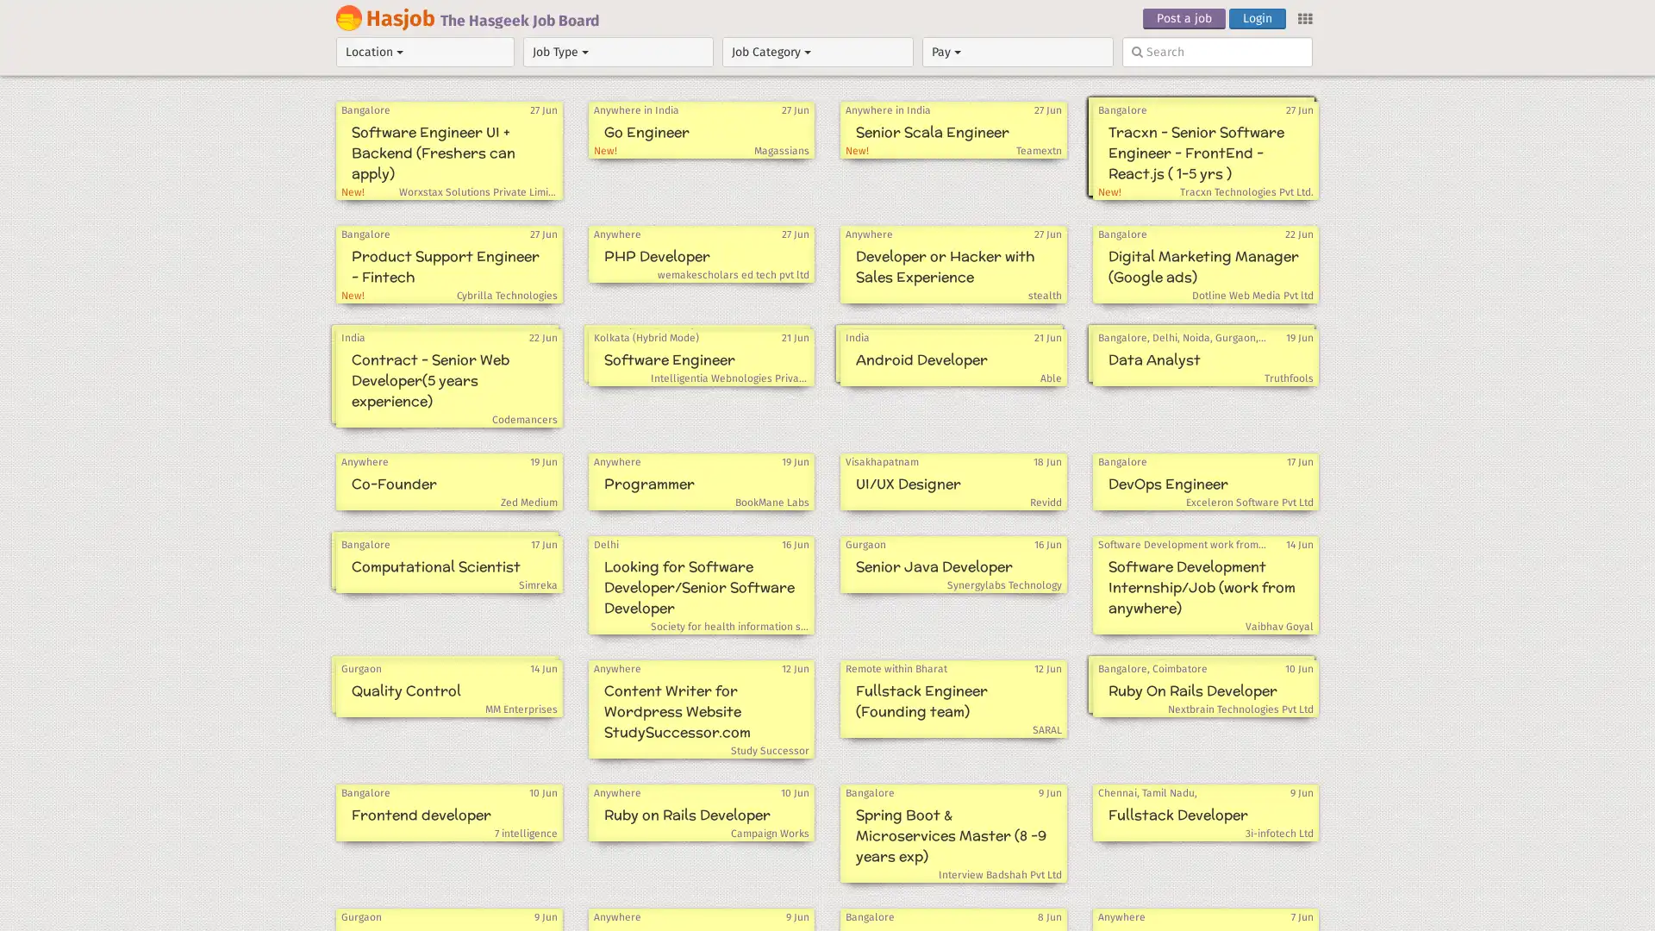 This screenshot has width=1655, height=931. Describe the element at coordinates (1017, 51) in the screenshot. I see `Pay` at that location.